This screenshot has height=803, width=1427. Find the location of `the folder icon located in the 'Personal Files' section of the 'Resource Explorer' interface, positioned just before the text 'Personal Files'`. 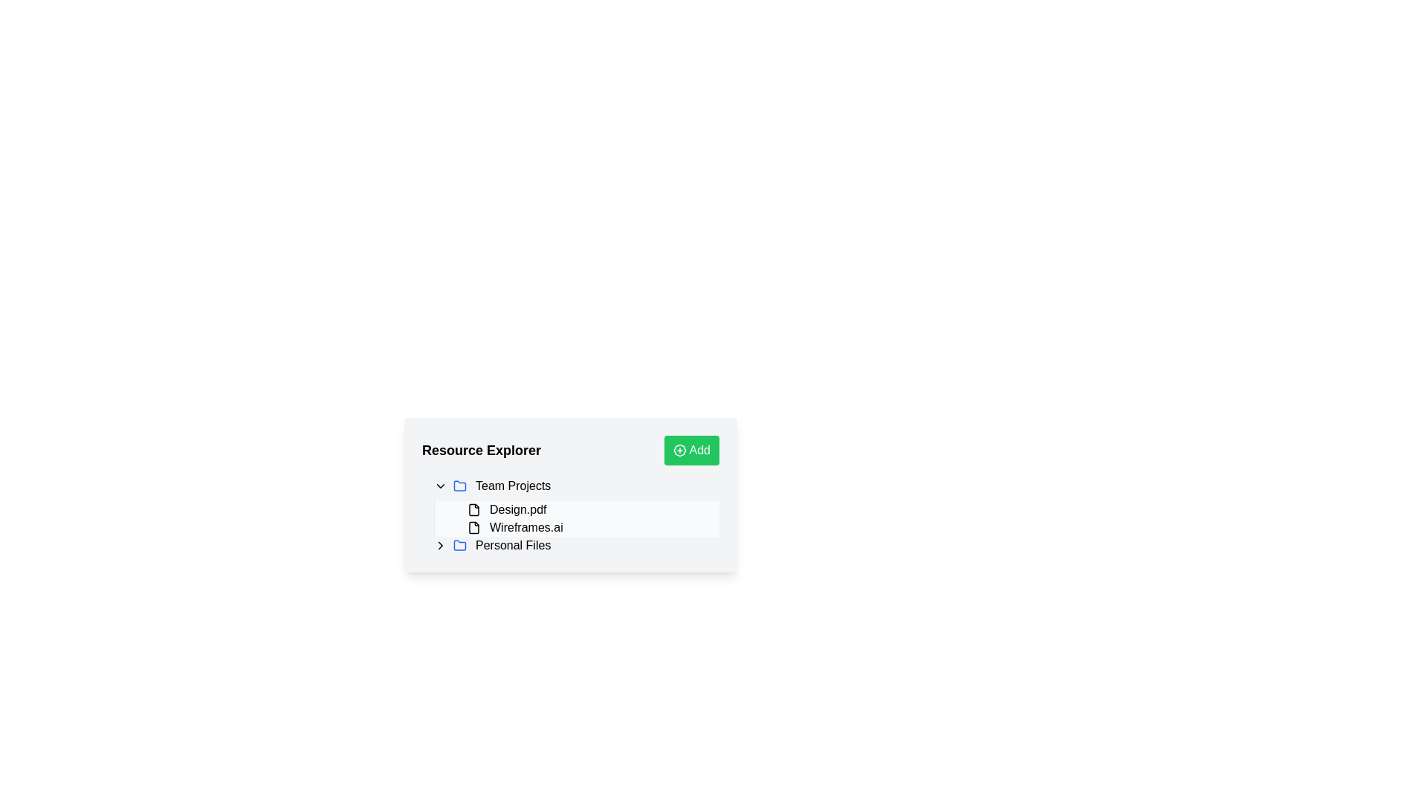

the folder icon located in the 'Personal Files' section of the 'Resource Explorer' interface, positioned just before the text 'Personal Files' is located at coordinates (459, 544).